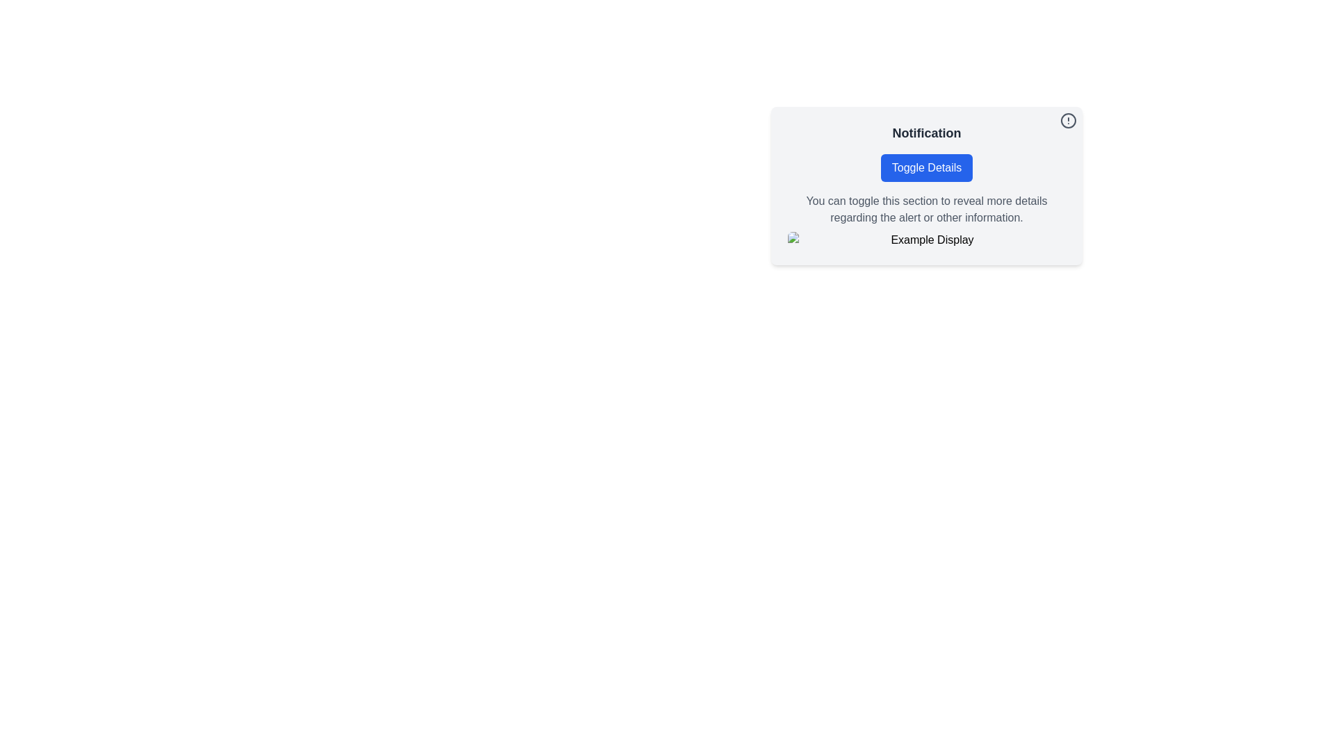 The width and height of the screenshot is (1334, 750). I want to click on the toggle button below the title 'Notification', so click(927, 167).